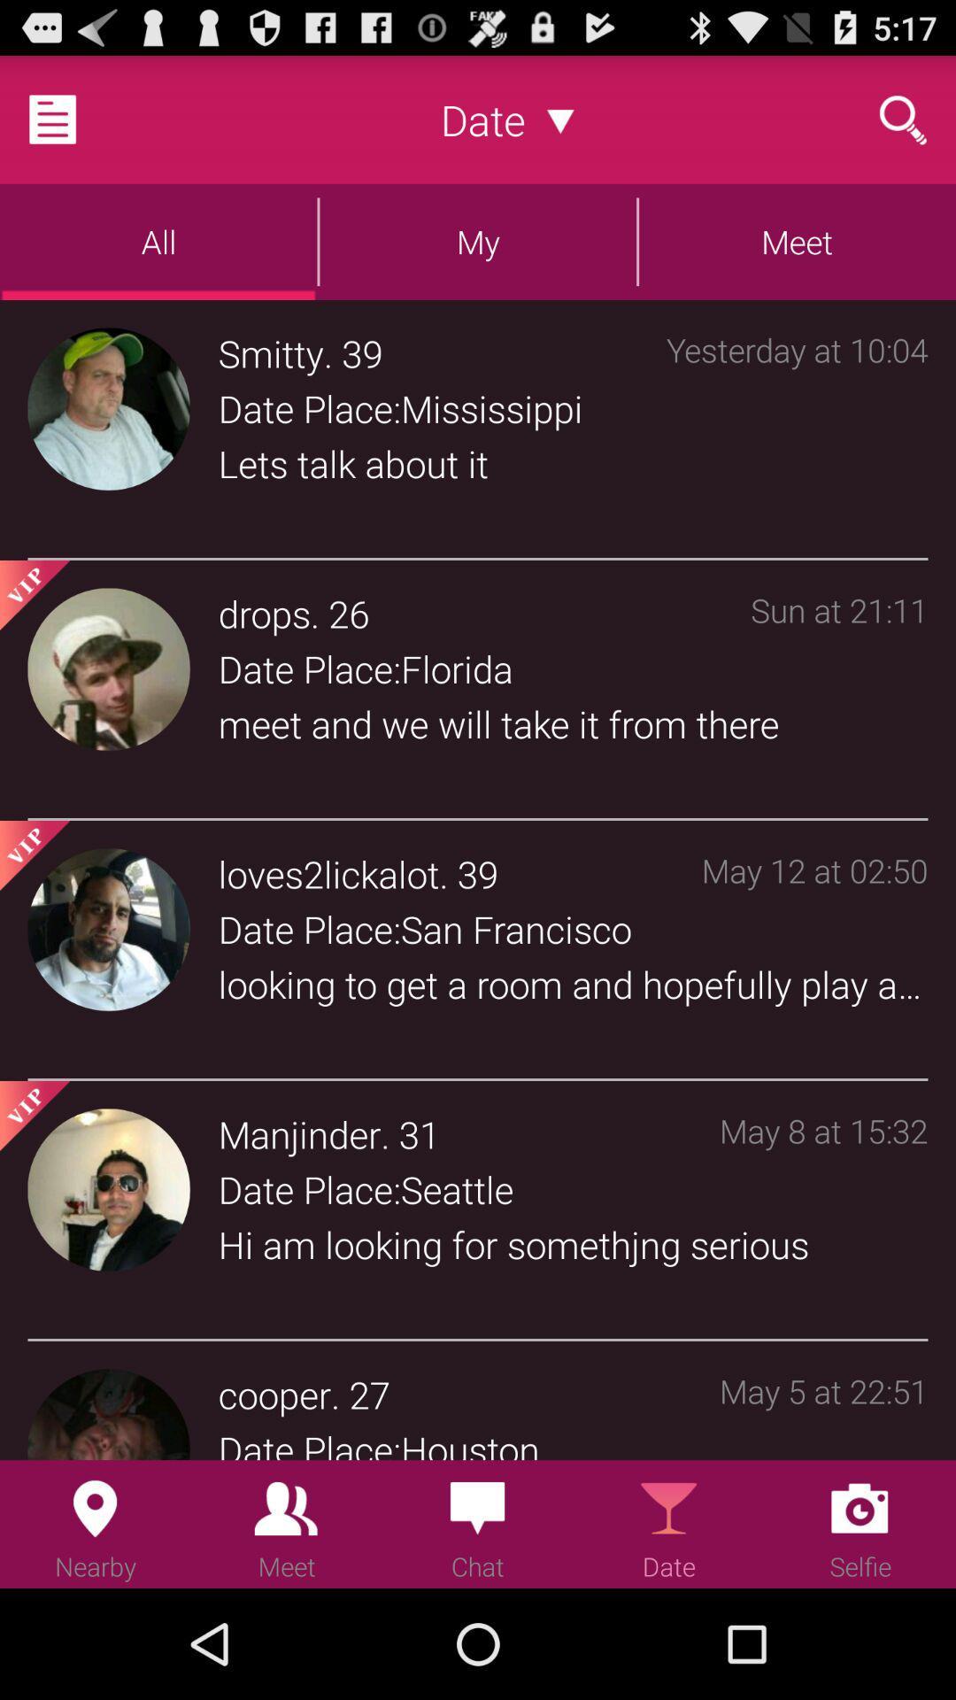  What do you see at coordinates (274, 1393) in the screenshot?
I see `the item to the left of .  icon` at bounding box center [274, 1393].